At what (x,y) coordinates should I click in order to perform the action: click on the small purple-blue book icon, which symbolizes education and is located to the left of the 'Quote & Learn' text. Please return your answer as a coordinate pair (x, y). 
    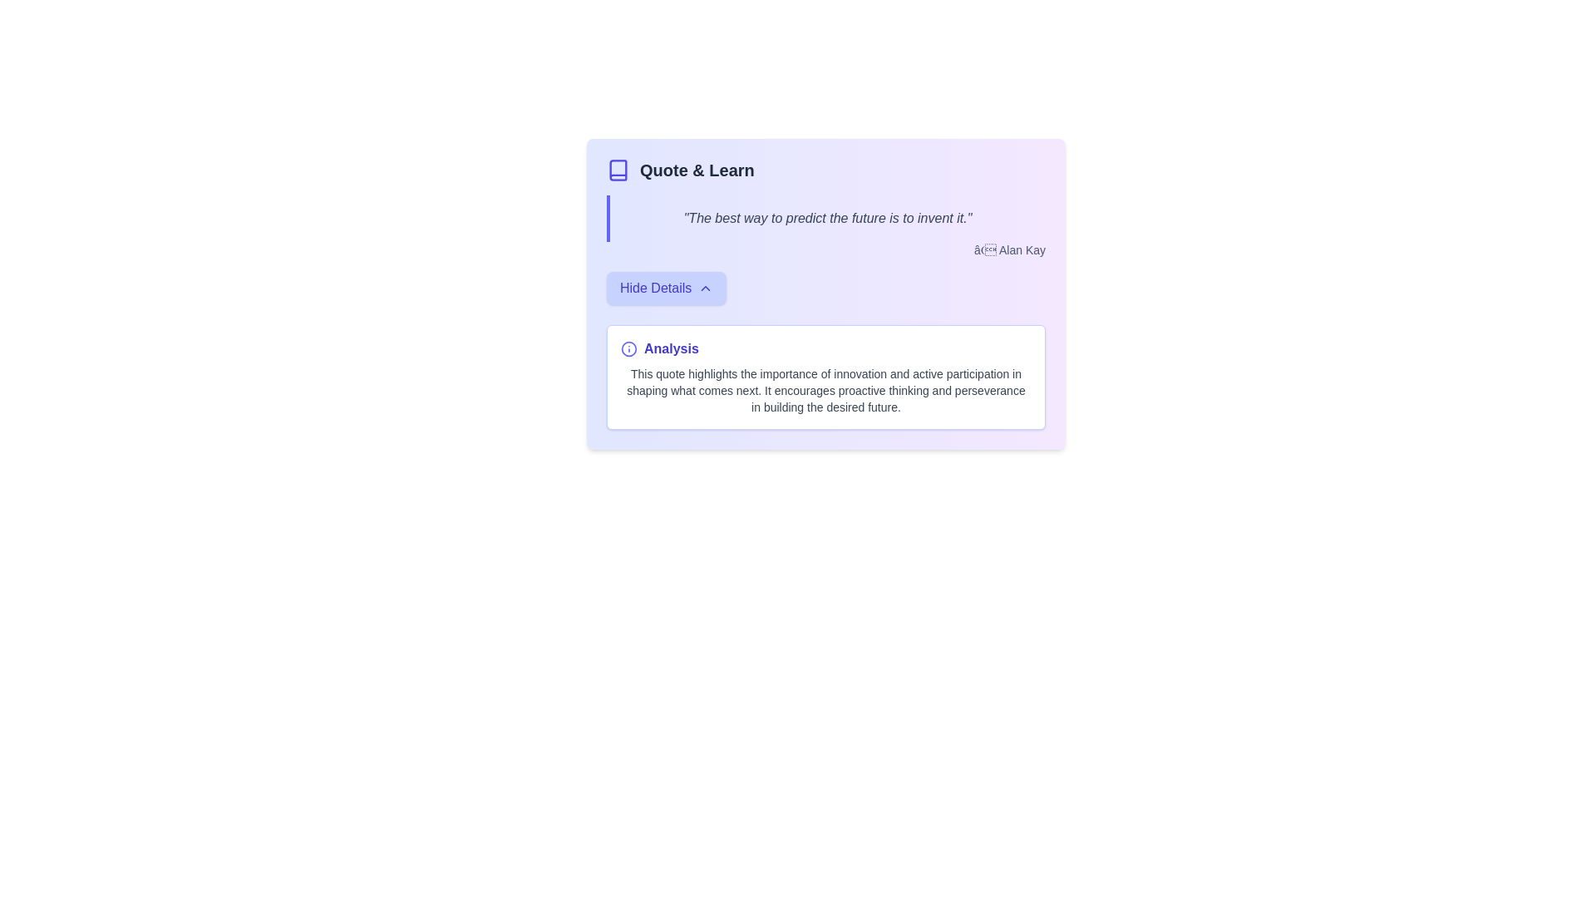
    Looking at the image, I should click on (618, 170).